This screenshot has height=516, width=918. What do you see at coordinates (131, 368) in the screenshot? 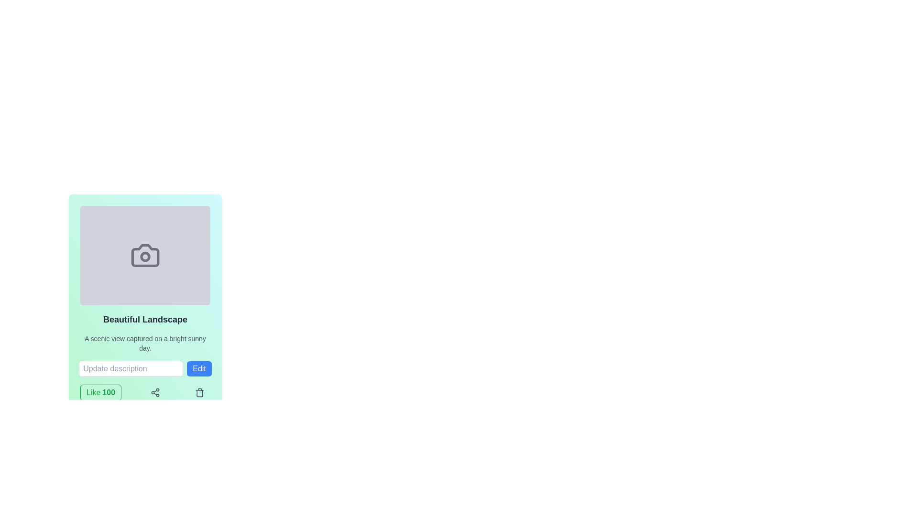
I see `the text input field for updating or modifying a description by pressing the tab key` at bounding box center [131, 368].